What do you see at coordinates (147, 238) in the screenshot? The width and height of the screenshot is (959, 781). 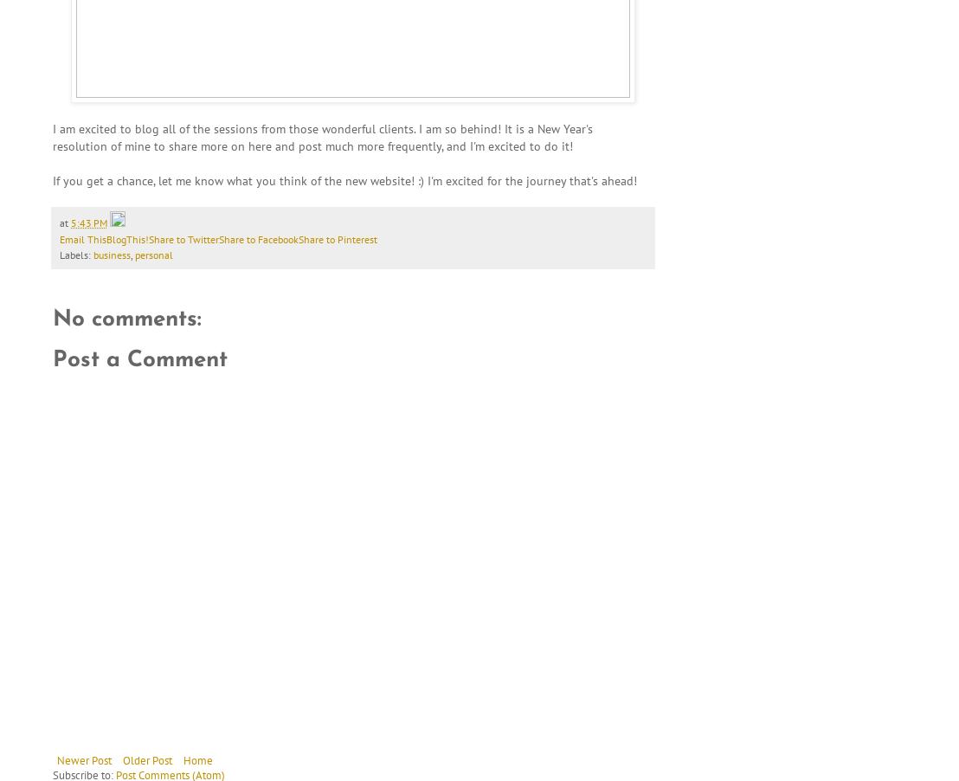 I see `'Share to Twitter'` at bounding box center [147, 238].